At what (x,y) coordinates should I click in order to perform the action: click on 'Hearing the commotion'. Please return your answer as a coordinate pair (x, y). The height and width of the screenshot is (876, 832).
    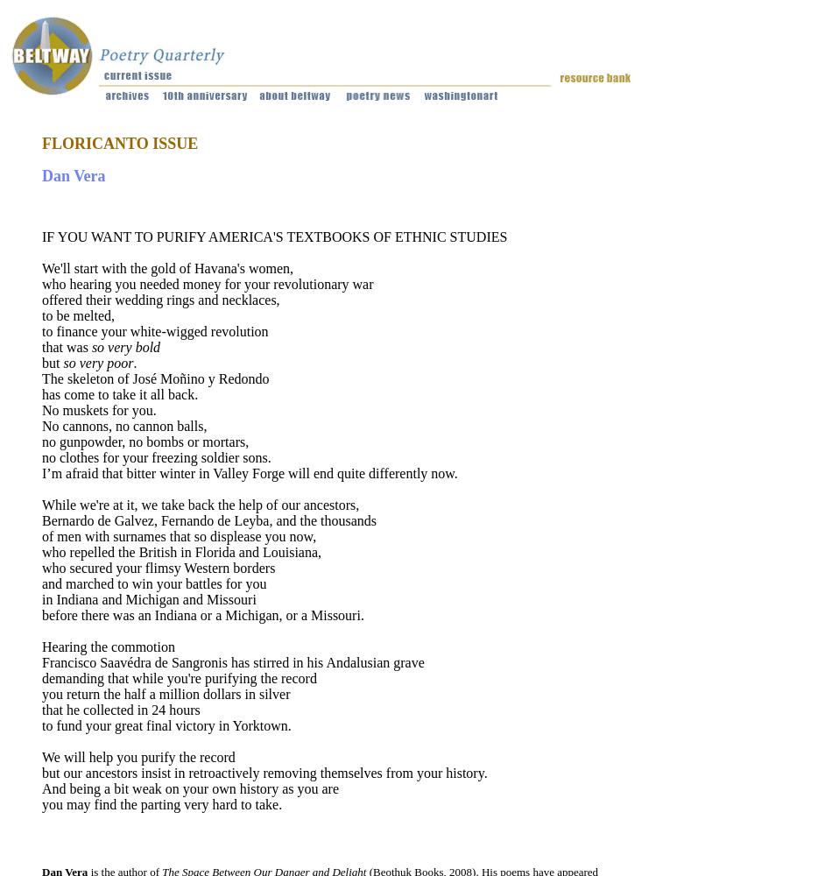
    Looking at the image, I should click on (108, 646).